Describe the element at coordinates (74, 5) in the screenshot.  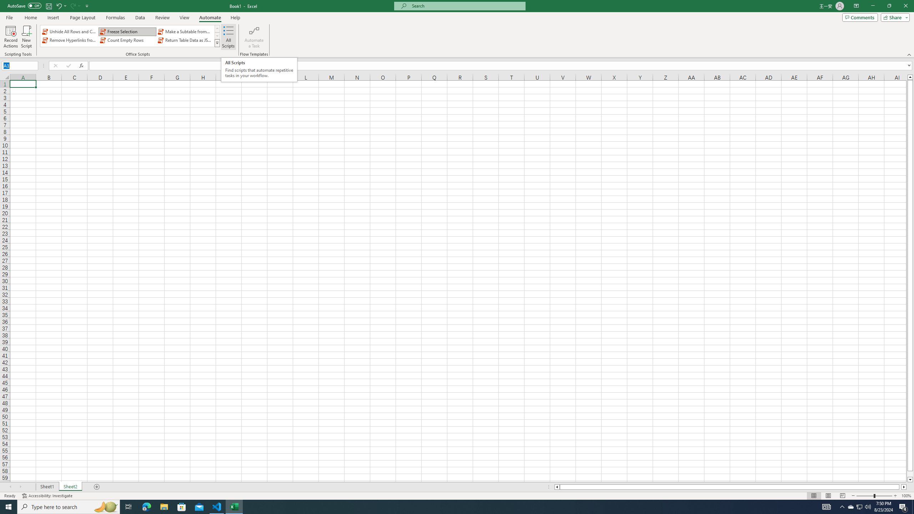
I see `'Redo'` at that location.